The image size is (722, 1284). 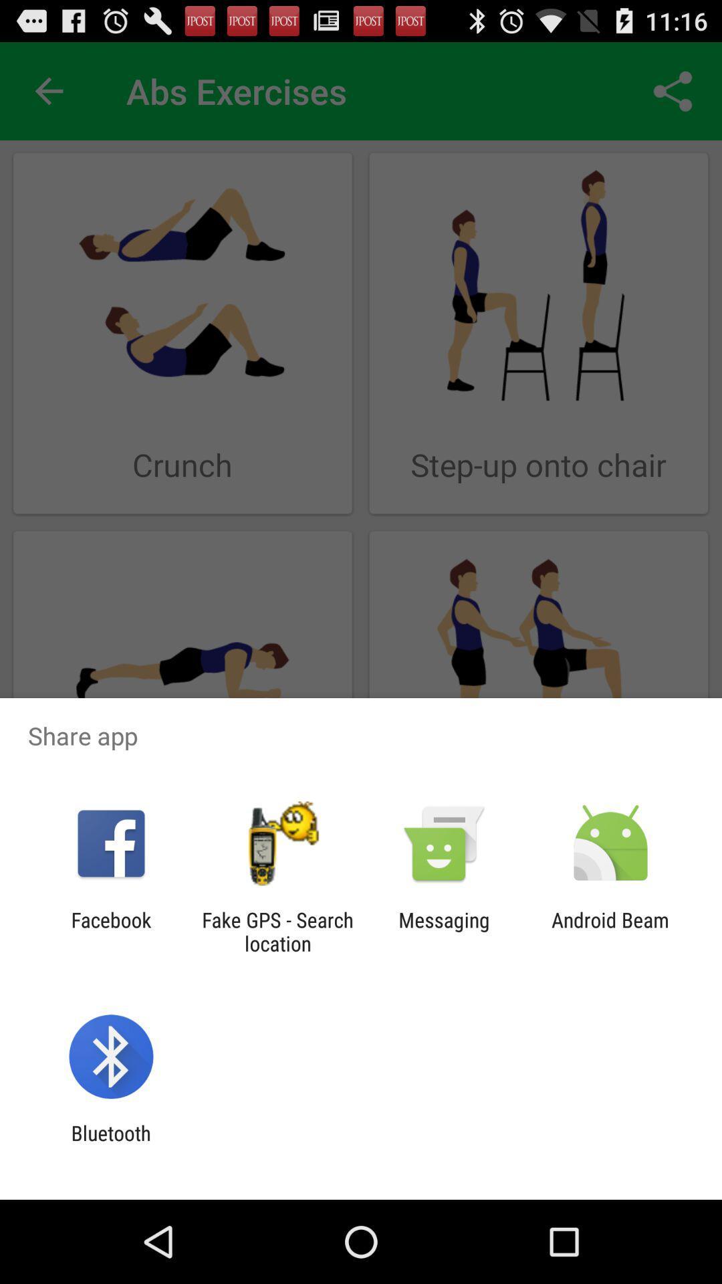 What do you see at coordinates (48, 90) in the screenshot?
I see `icon to the left of abs exercises app` at bounding box center [48, 90].